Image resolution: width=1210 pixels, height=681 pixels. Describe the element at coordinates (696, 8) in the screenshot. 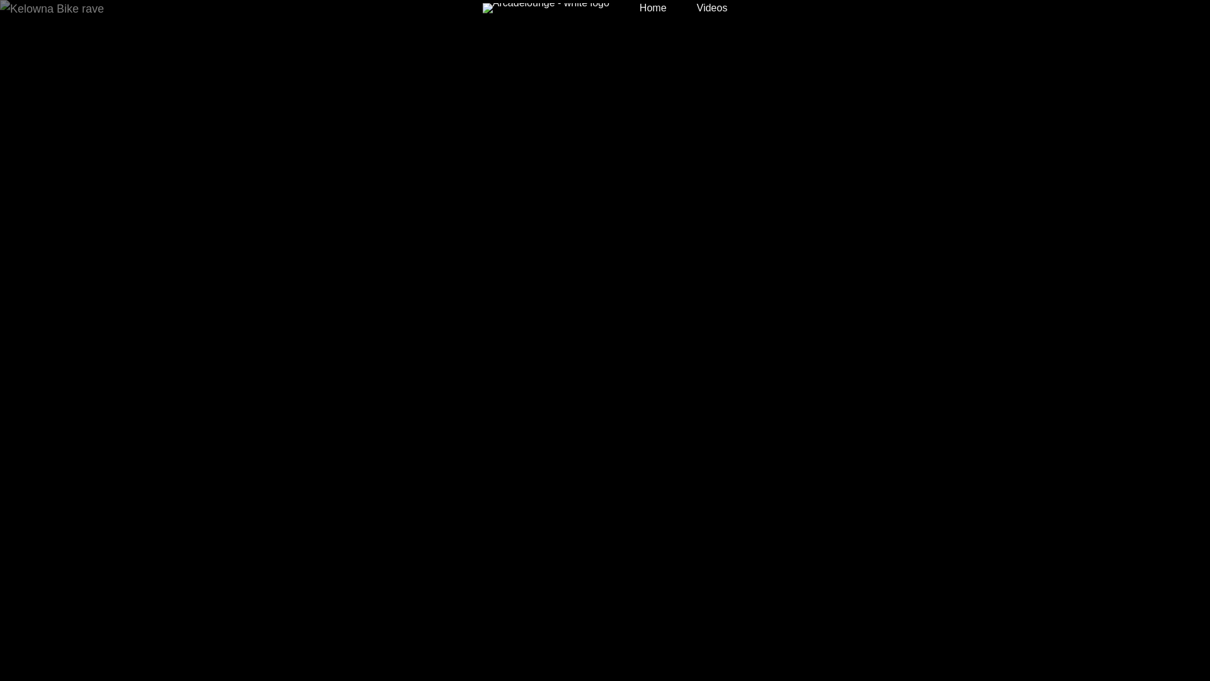

I see `'Videos'` at that location.